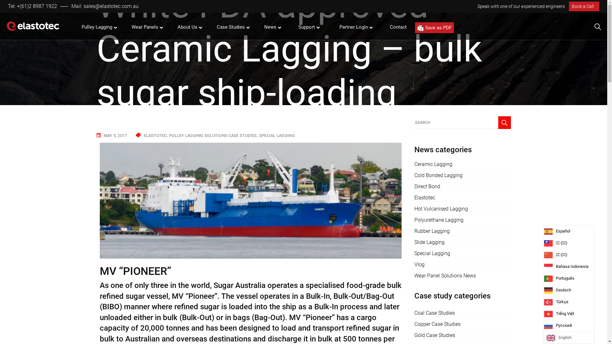  I want to click on 'Pulley Lagging', so click(97, 27).